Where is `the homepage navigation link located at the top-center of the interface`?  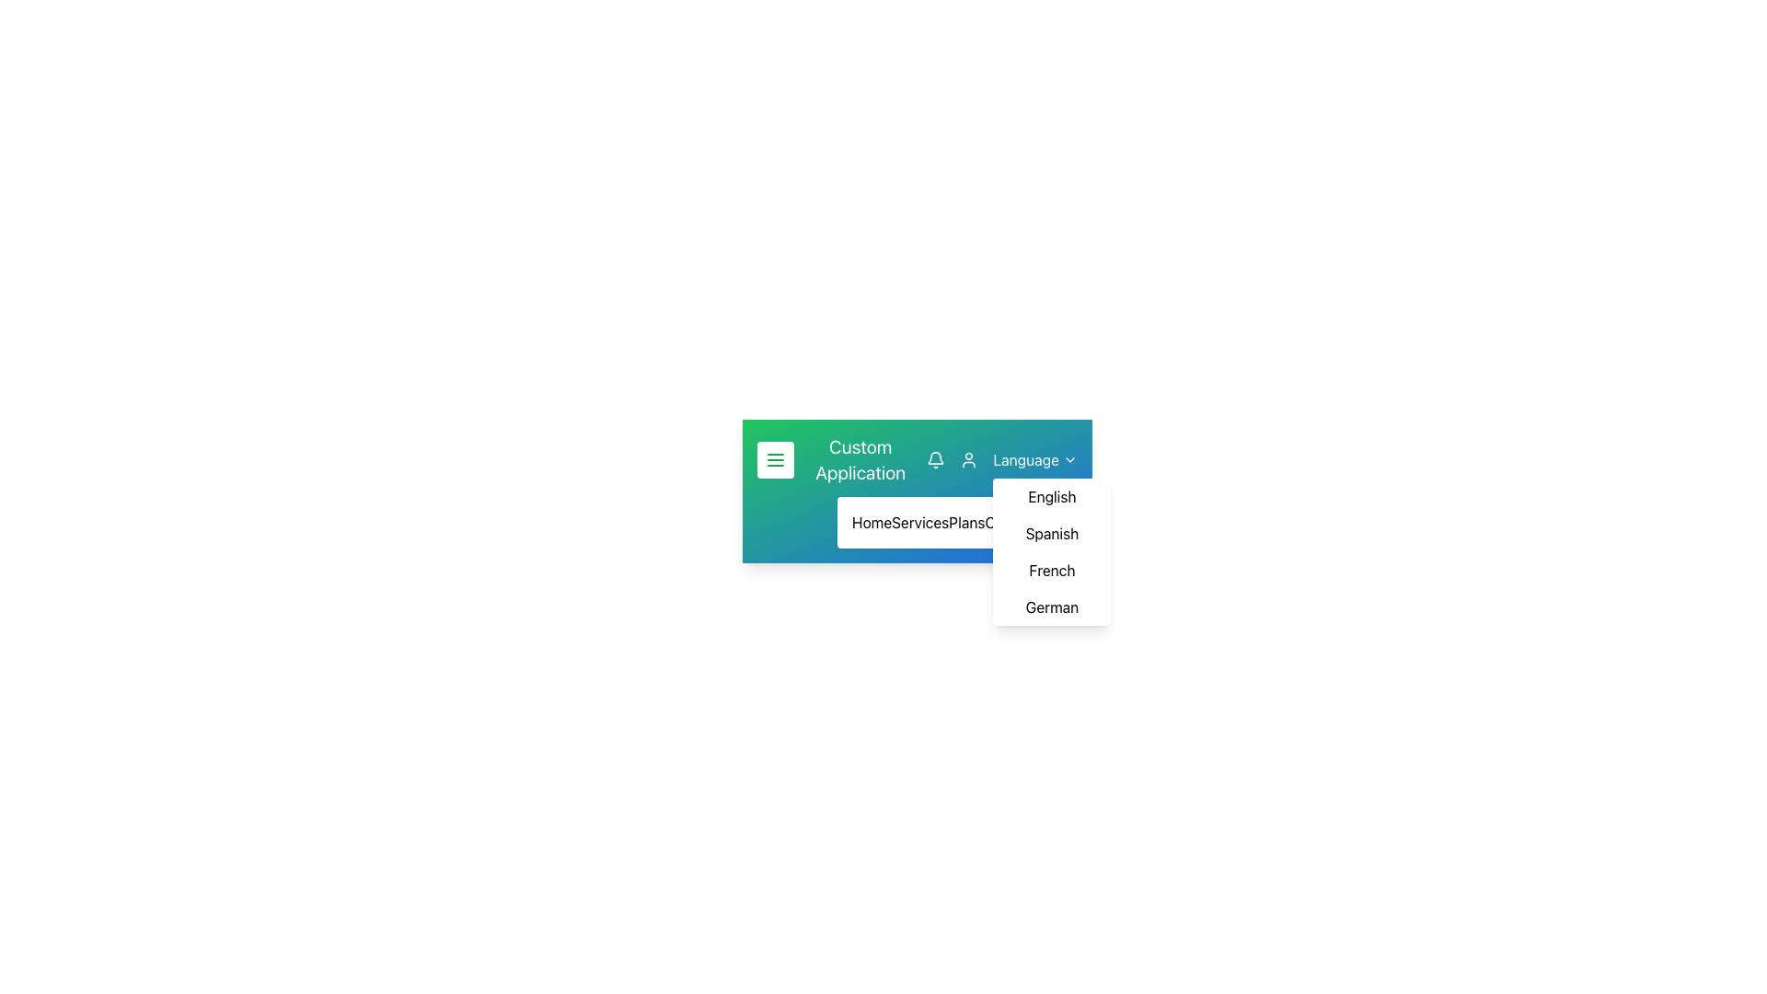
the homepage navigation link located at the top-center of the interface is located at coordinates (871, 522).